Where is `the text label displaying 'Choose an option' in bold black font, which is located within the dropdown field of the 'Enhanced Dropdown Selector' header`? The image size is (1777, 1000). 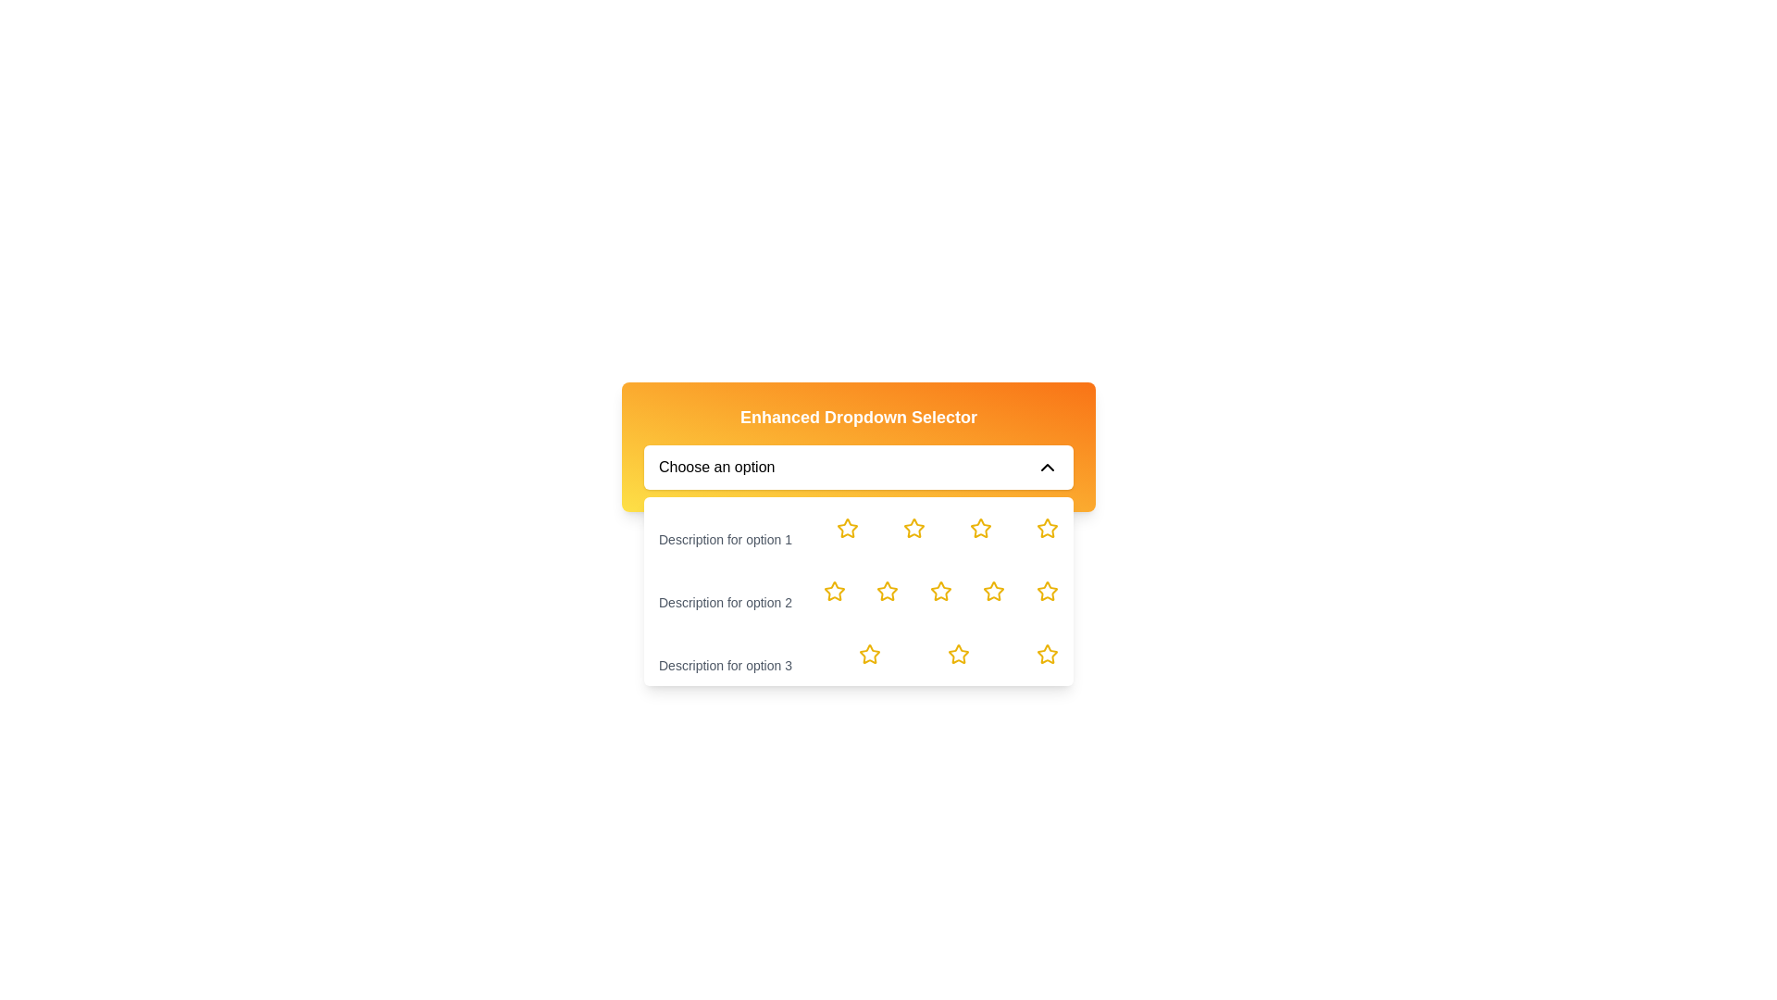
the text label displaying 'Choose an option' in bold black font, which is located within the dropdown field of the 'Enhanced Dropdown Selector' header is located at coordinates (715, 467).